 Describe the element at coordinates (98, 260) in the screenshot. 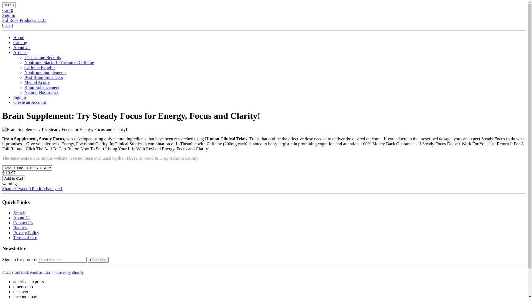

I see `'Subscribe'` at that location.